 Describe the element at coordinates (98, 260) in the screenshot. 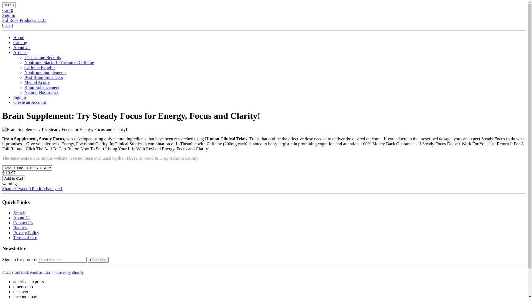

I see `'Subscribe'` at that location.